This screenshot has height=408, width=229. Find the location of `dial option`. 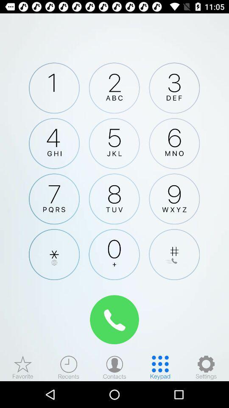

dial option is located at coordinates (114, 255).